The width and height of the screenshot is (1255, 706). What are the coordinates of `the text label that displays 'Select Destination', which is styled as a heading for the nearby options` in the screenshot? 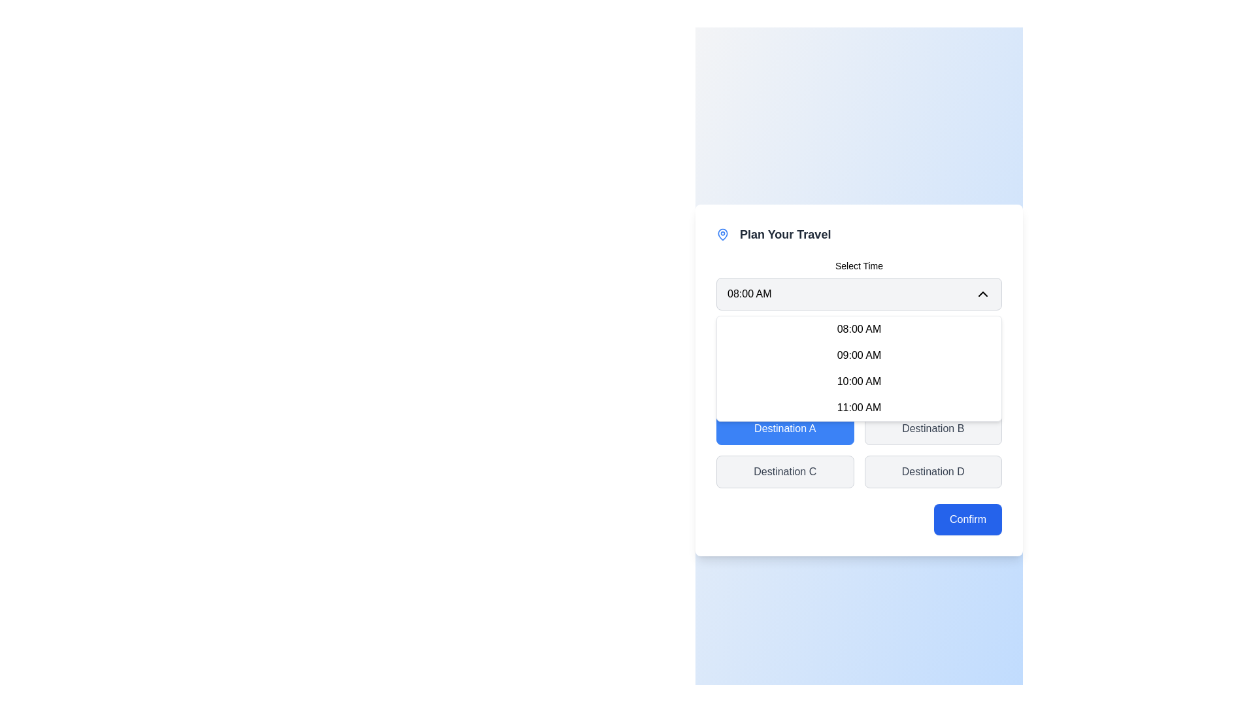 It's located at (859, 400).